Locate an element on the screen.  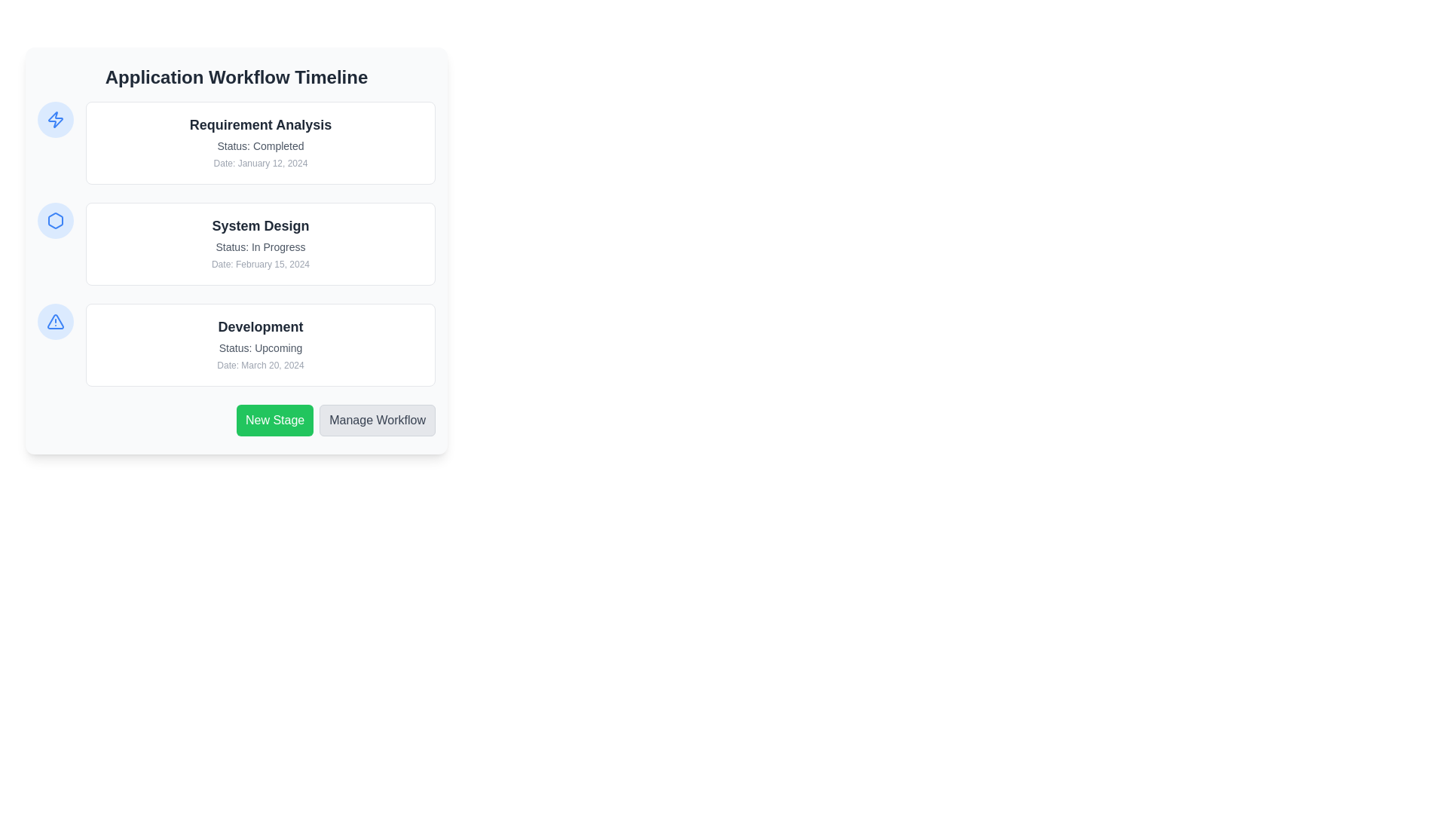
the static text label displaying 'Date: February 15, 2024', located beneath 'Status: In Progress' in the 'System Design' section of the workflow timeline is located at coordinates (260, 264).